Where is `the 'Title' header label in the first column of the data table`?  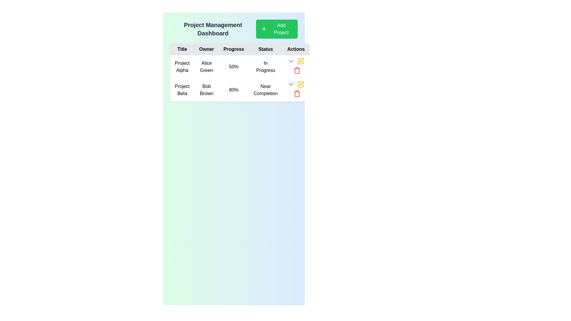
the 'Title' header label in the first column of the data table is located at coordinates (182, 49).